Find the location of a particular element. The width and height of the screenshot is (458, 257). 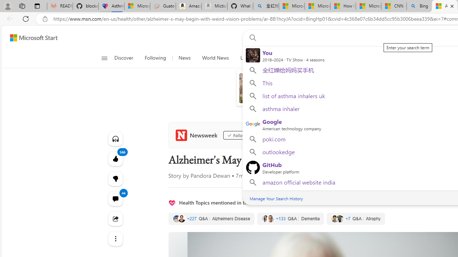

'Science' is located at coordinates (271, 58).